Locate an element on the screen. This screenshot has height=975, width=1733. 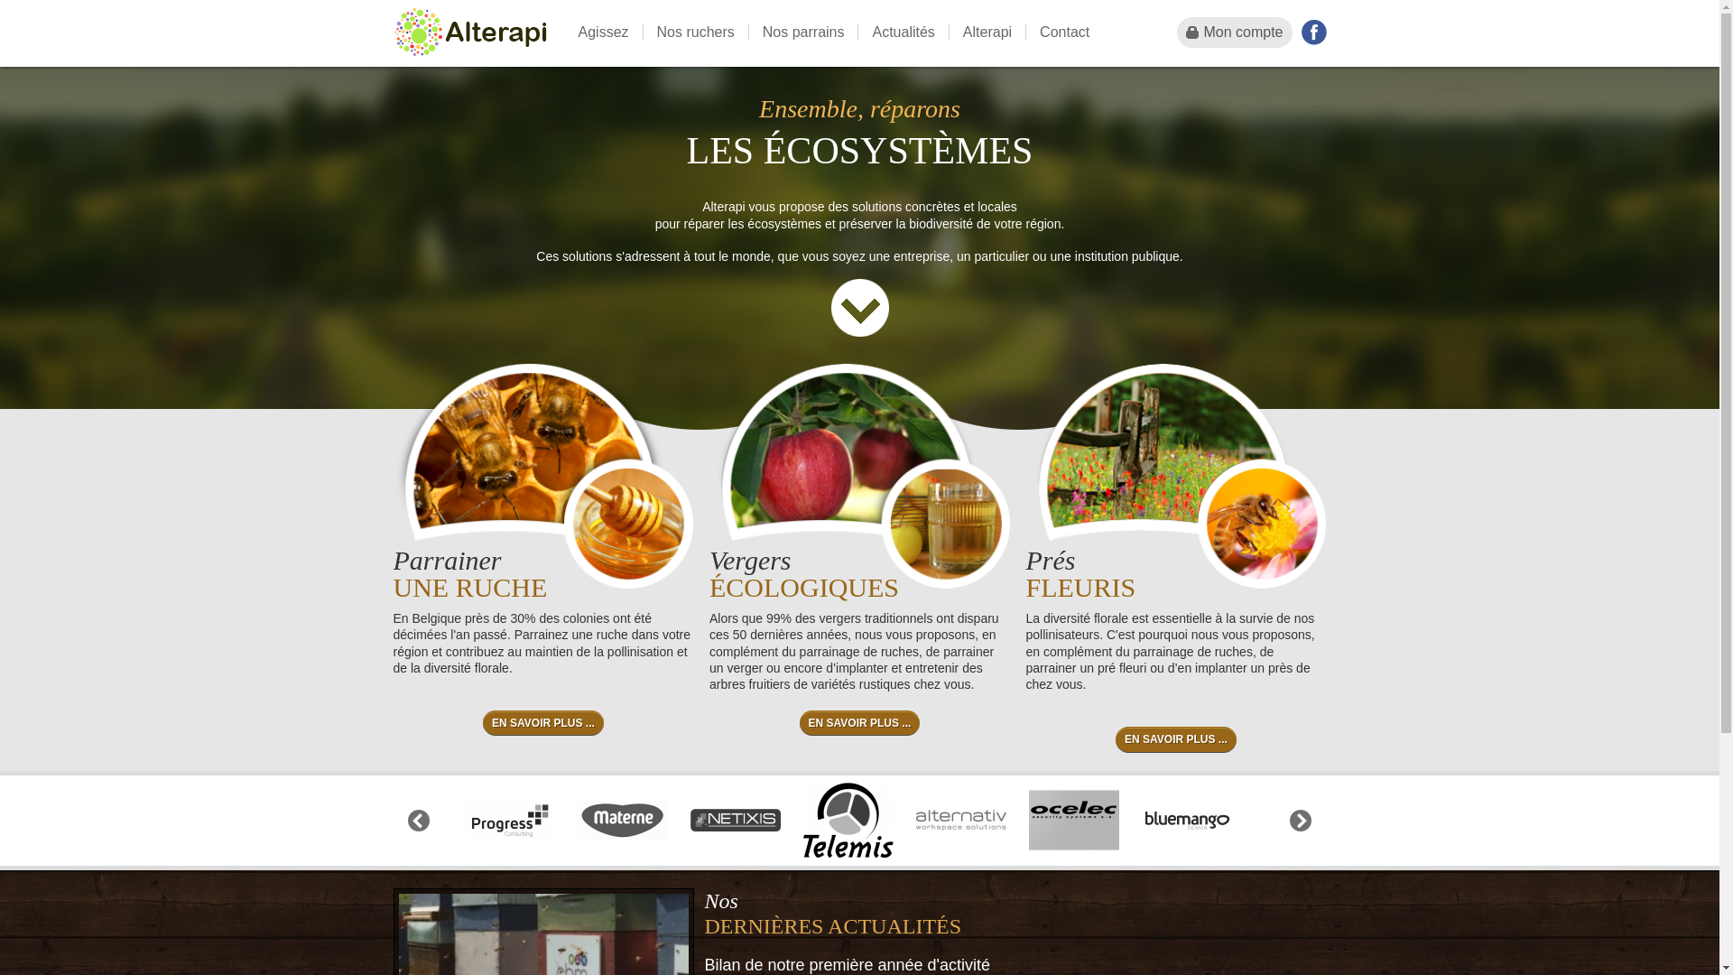
'Facebook' is located at coordinates (1313, 32).